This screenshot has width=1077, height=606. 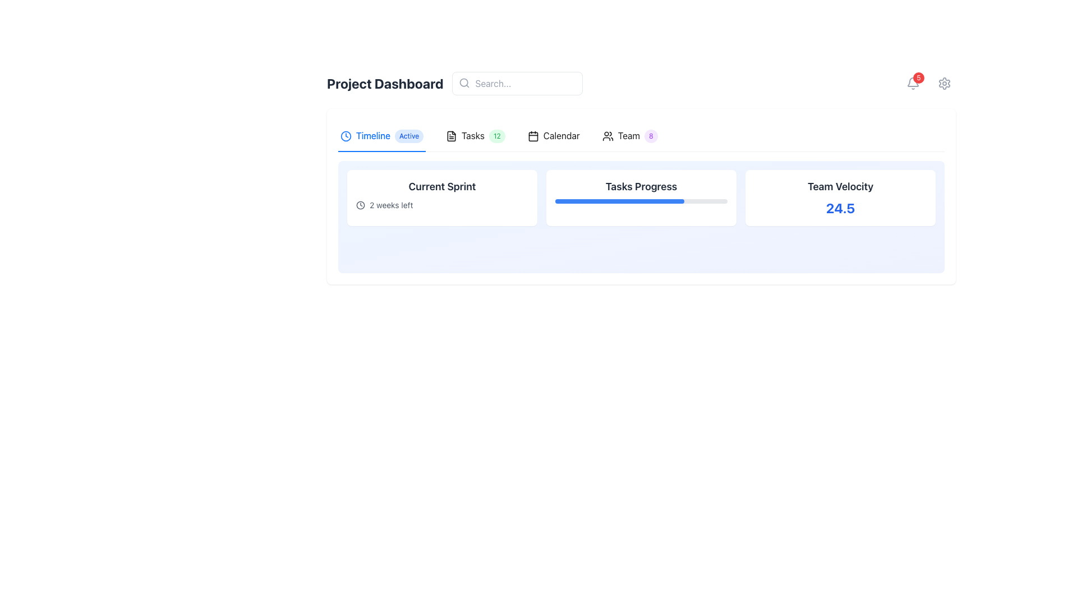 What do you see at coordinates (630, 135) in the screenshot?
I see `the fourth tab in the horizontal navigation bar that has a numeric badge and an icon of people to its left, which is located to the right of the 'Calendar' tab` at bounding box center [630, 135].